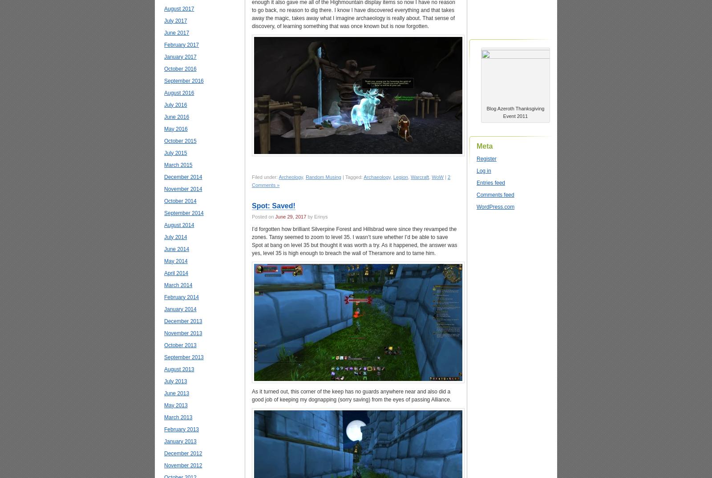 This screenshot has width=712, height=478. What do you see at coordinates (477, 183) in the screenshot?
I see `'Entries feed'` at bounding box center [477, 183].